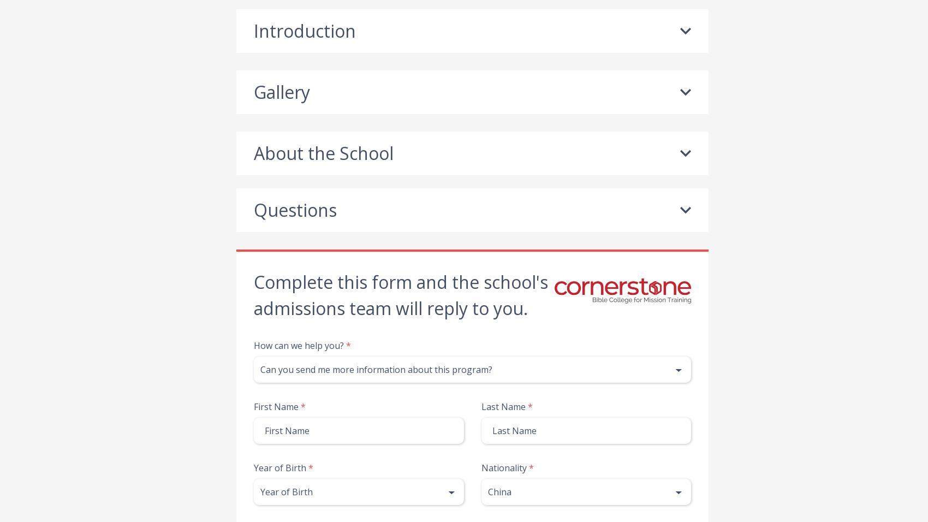  Describe the element at coordinates (253, 210) in the screenshot. I see `'Questions'` at that location.